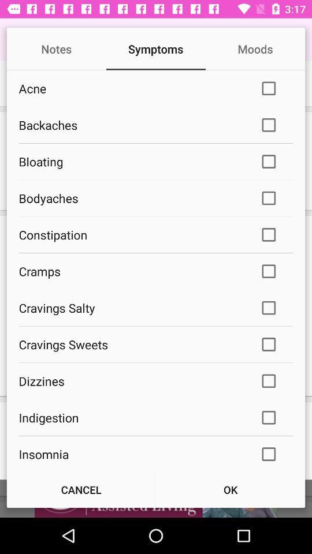  What do you see at coordinates (131, 125) in the screenshot?
I see `backaches item` at bounding box center [131, 125].